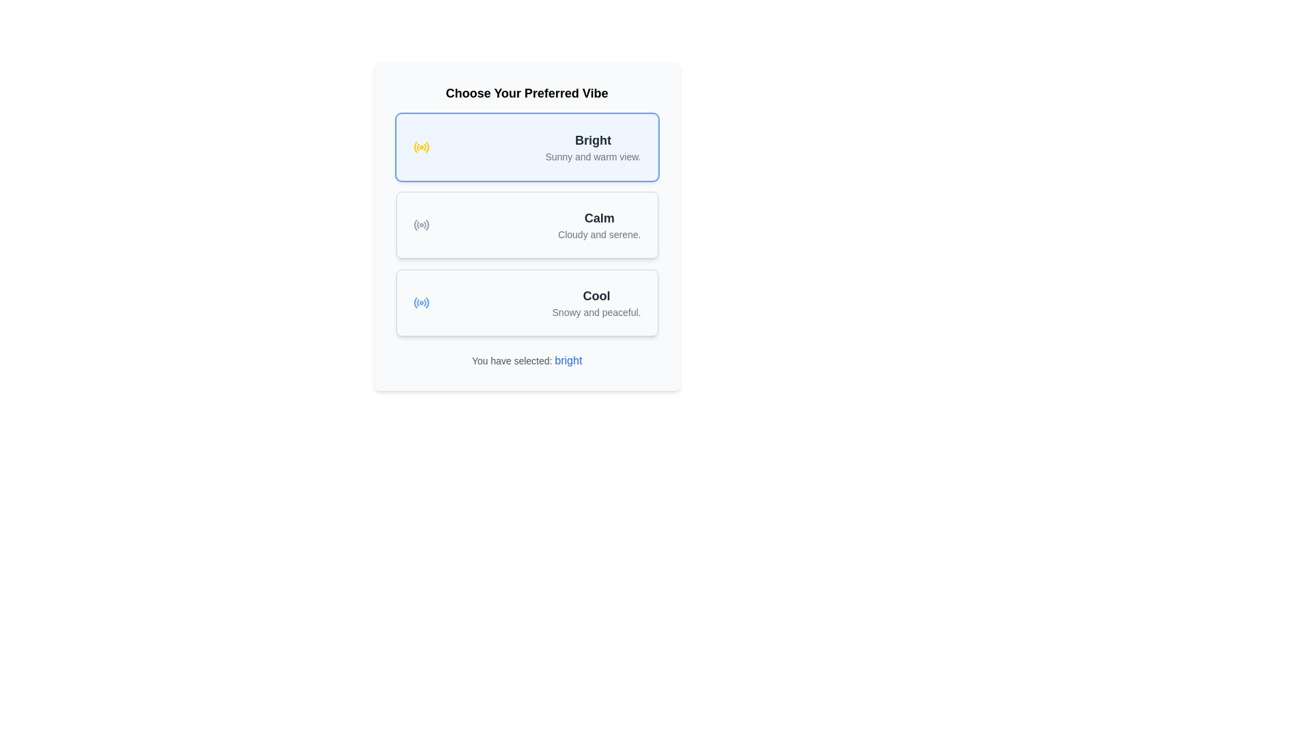 This screenshot has width=1310, height=737. I want to click on the text label displaying 'Snowy and peaceful.' which is positioned directly below the word 'Cool', so click(596, 313).